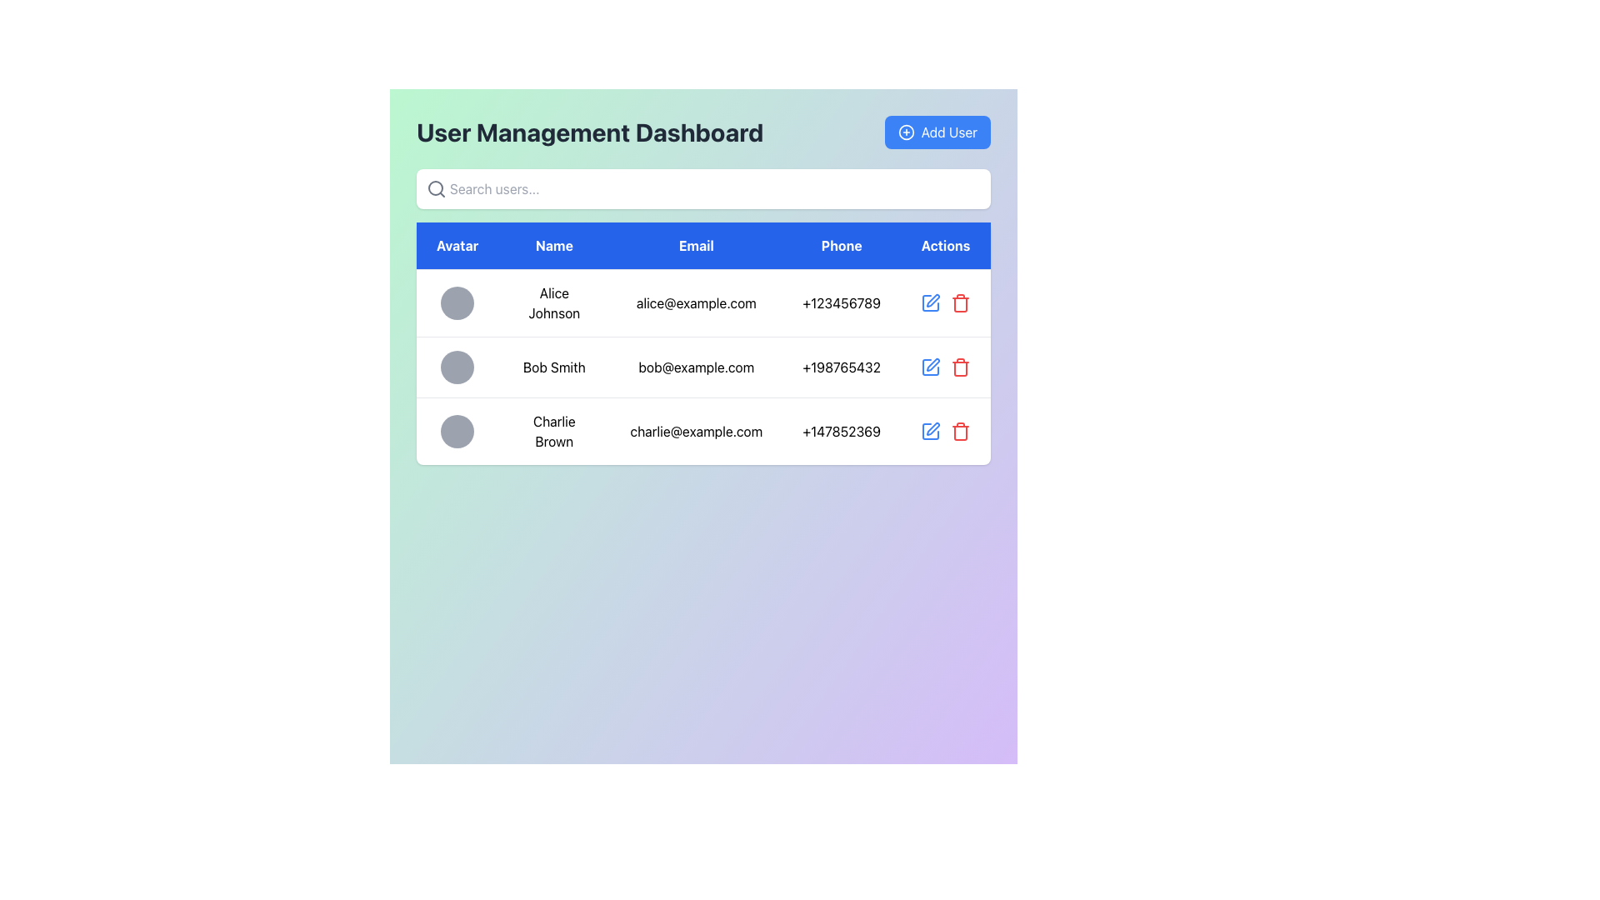  Describe the element at coordinates (703, 366) in the screenshot. I see `the second row of the user management table that contains user details and action buttons, positioned between 'Alice Johnson' and 'Charlie Brown'` at that location.